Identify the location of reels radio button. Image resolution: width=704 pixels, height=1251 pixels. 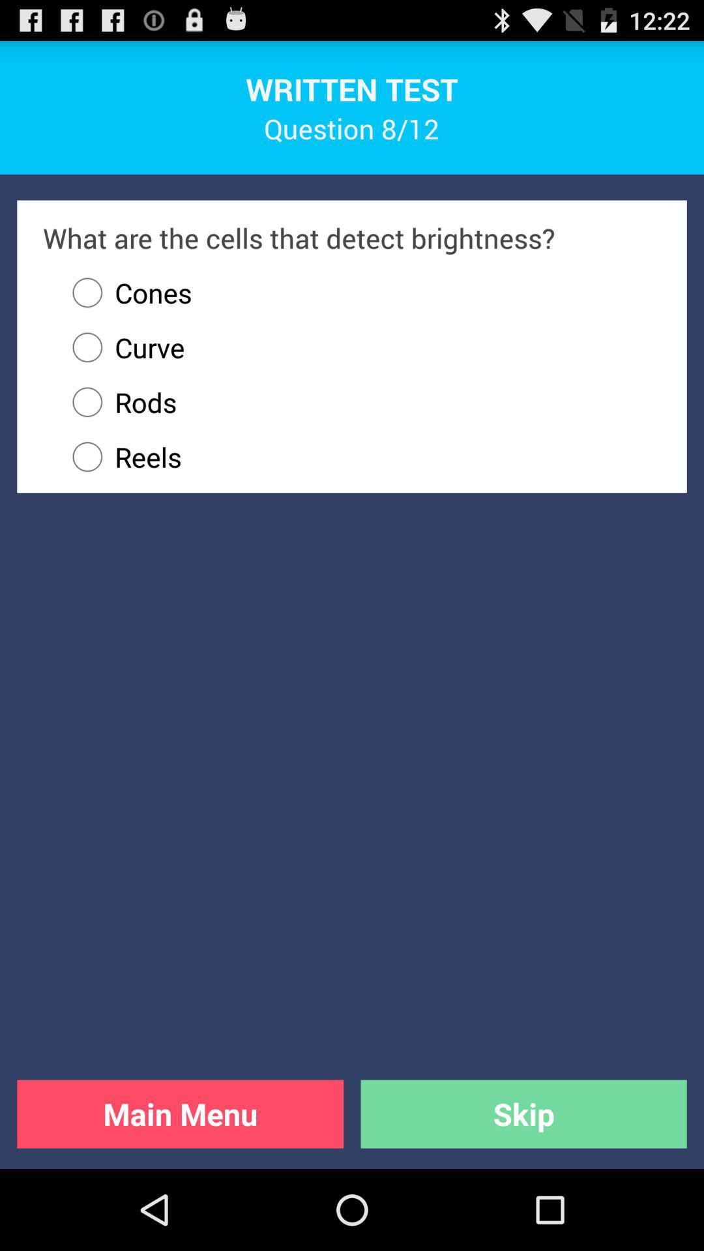
(360, 457).